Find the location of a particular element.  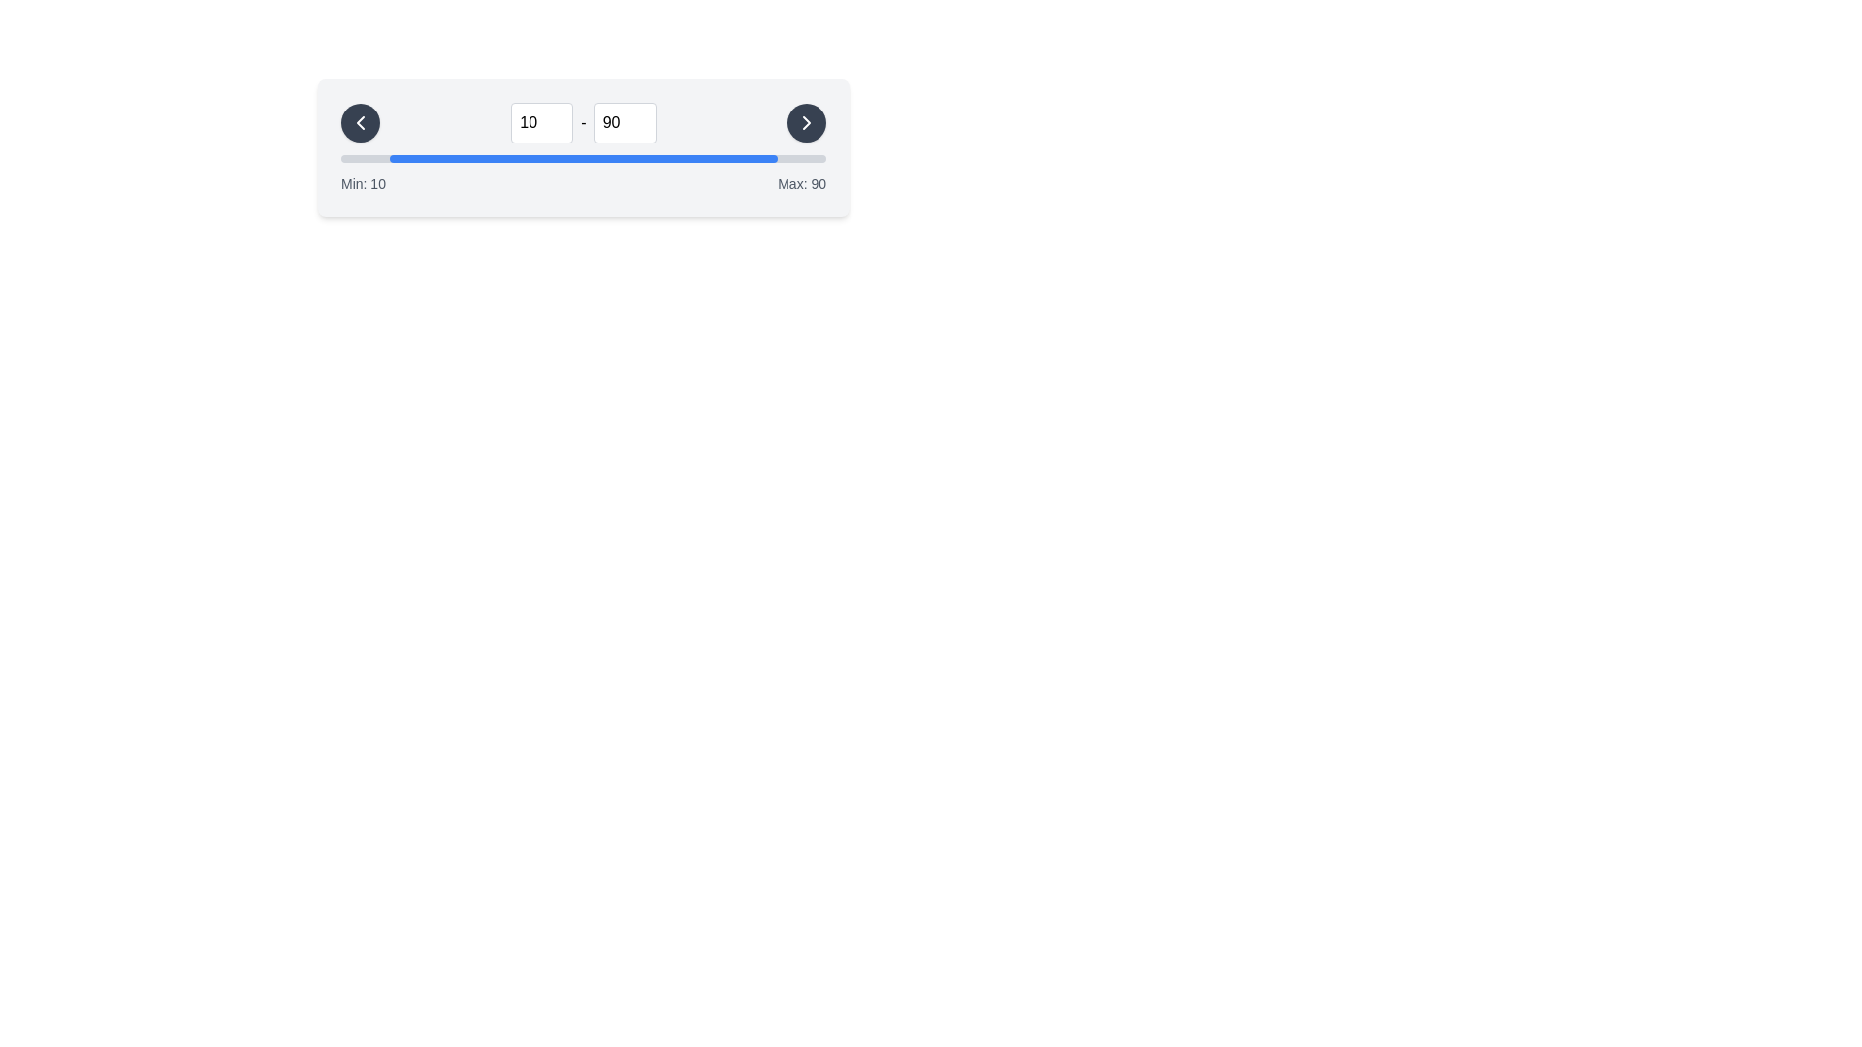

the static text label displaying 'Max: 90' which is located to the right of the label 'Min: 10' in a horizontal layout is located at coordinates (802, 183).